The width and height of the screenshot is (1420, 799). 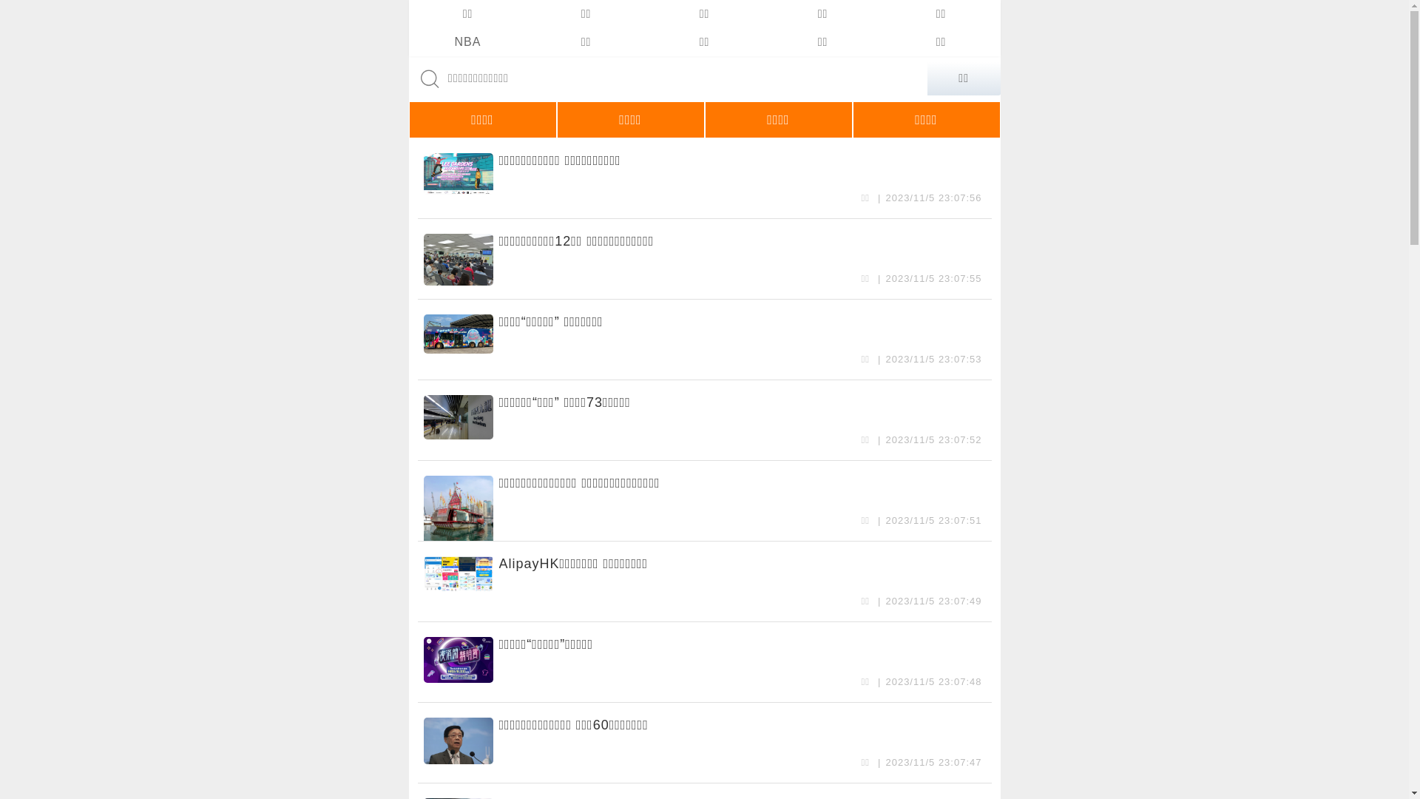 I want to click on 'NBA', so click(x=467, y=41).